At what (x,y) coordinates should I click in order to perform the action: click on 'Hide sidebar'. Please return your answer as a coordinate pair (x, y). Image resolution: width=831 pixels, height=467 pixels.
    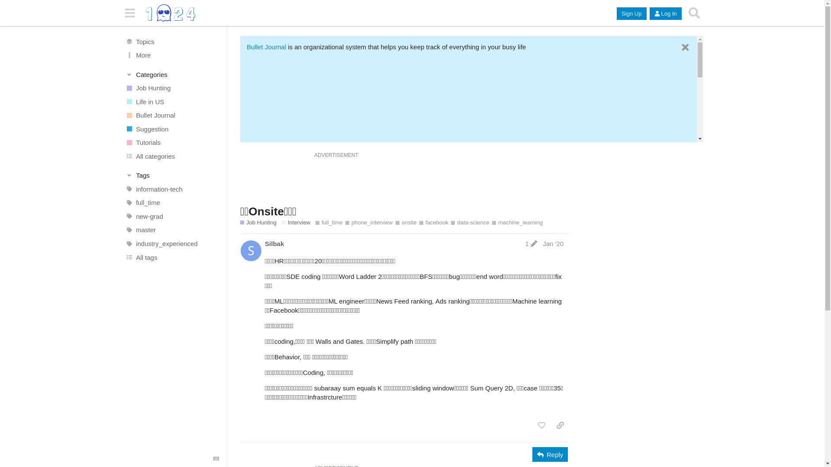
    Looking at the image, I should click on (129, 13).